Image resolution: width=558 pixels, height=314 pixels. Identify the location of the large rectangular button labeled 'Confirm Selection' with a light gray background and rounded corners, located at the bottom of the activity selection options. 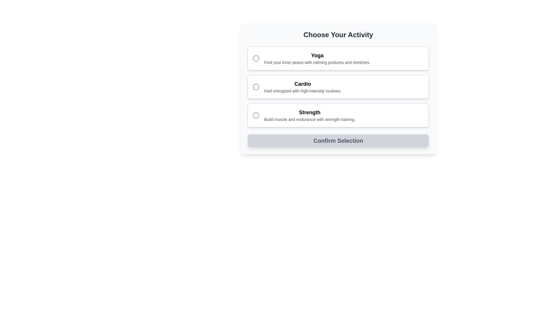
(338, 140).